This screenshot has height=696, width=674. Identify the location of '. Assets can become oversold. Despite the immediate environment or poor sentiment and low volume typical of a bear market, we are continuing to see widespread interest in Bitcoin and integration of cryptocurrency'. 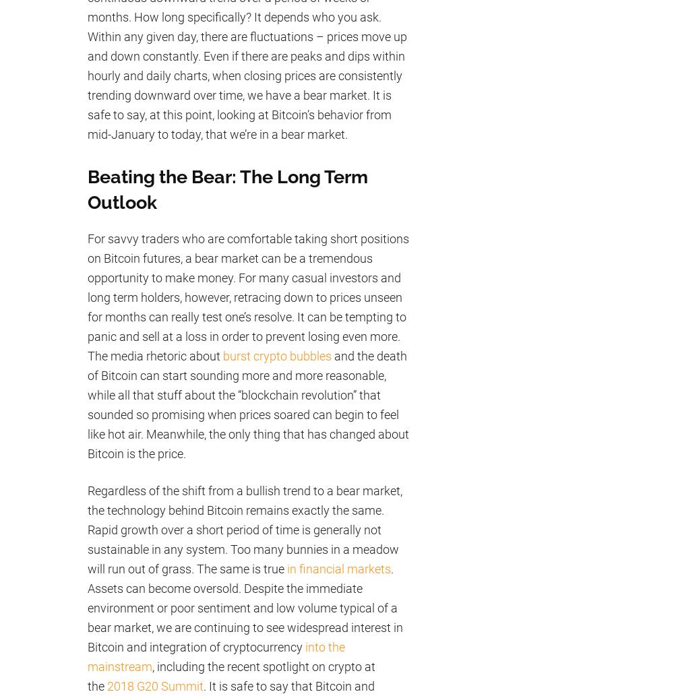
(245, 606).